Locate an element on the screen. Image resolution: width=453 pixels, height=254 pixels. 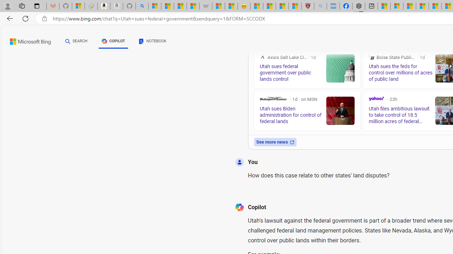
'Axios Salt Lake City on MSN' is located at coordinates (262, 57).